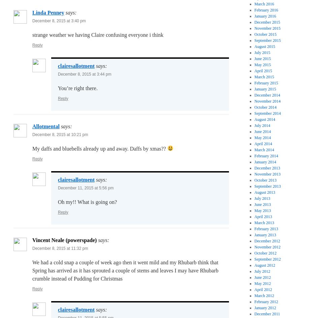 This screenshot has height=318, width=330. Describe the element at coordinates (264, 265) in the screenshot. I see `'August 2012'` at that location.